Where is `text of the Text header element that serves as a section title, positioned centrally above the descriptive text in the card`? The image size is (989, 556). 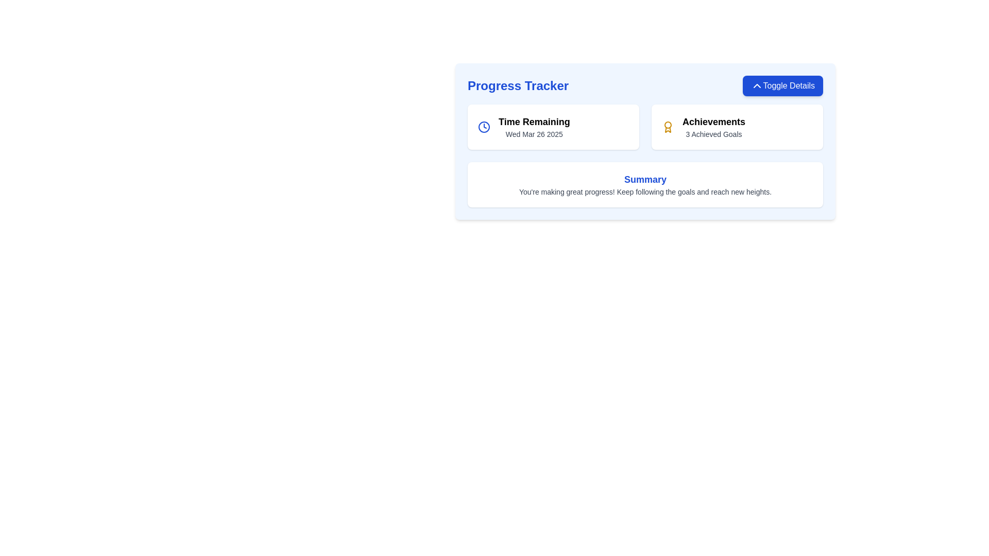 text of the Text header element that serves as a section title, positioned centrally above the descriptive text in the card is located at coordinates (644, 179).